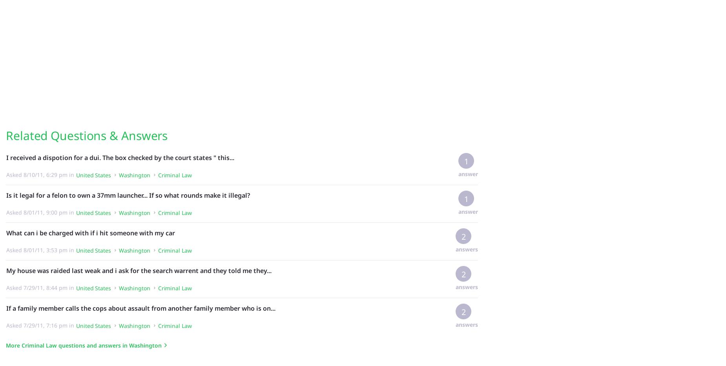 This screenshot has height=366, width=726. I want to click on 'Asked 8/10/11, 6:29 pm in', so click(5, 174).